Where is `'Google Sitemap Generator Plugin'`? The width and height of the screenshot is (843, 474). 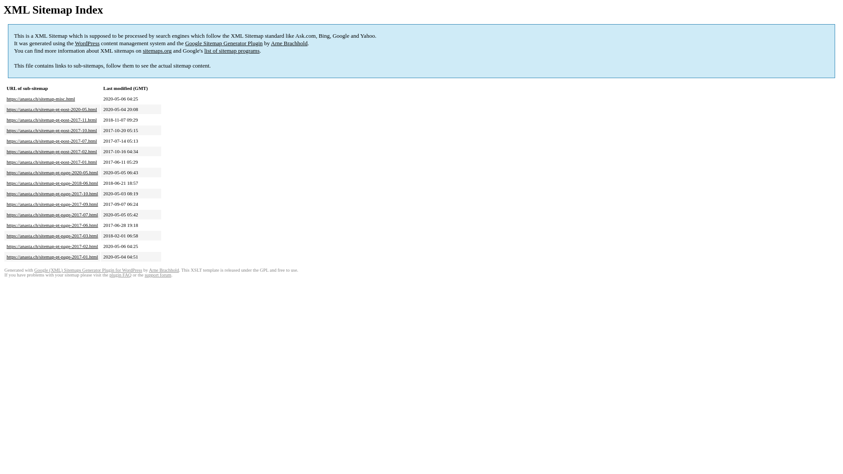
'Google Sitemap Generator Plugin' is located at coordinates (224, 43).